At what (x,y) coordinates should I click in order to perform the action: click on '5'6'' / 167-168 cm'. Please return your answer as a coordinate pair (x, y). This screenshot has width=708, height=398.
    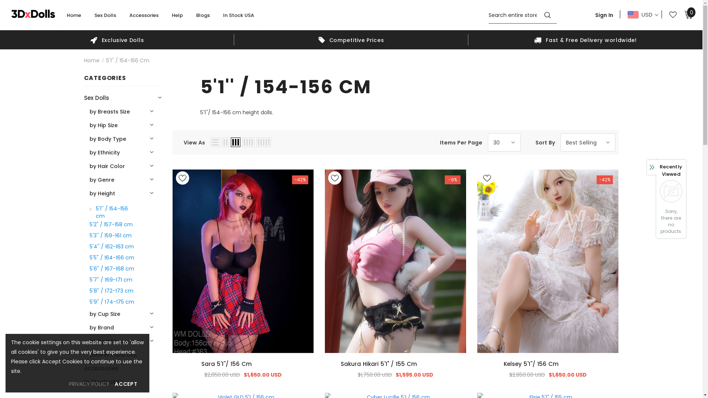
    Looking at the image, I should click on (111, 268).